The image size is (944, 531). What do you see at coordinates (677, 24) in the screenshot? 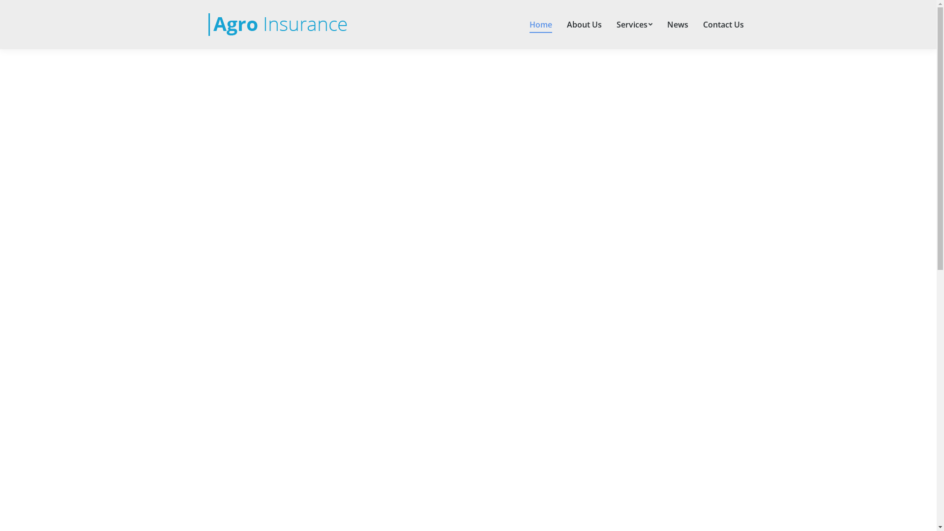
I see `'News'` at bounding box center [677, 24].